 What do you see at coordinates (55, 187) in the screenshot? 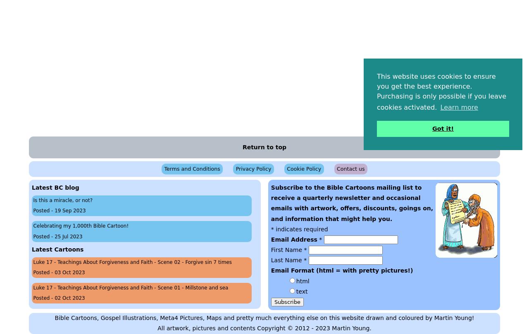
I see `'Latest BC blog'` at bounding box center [55, 187].